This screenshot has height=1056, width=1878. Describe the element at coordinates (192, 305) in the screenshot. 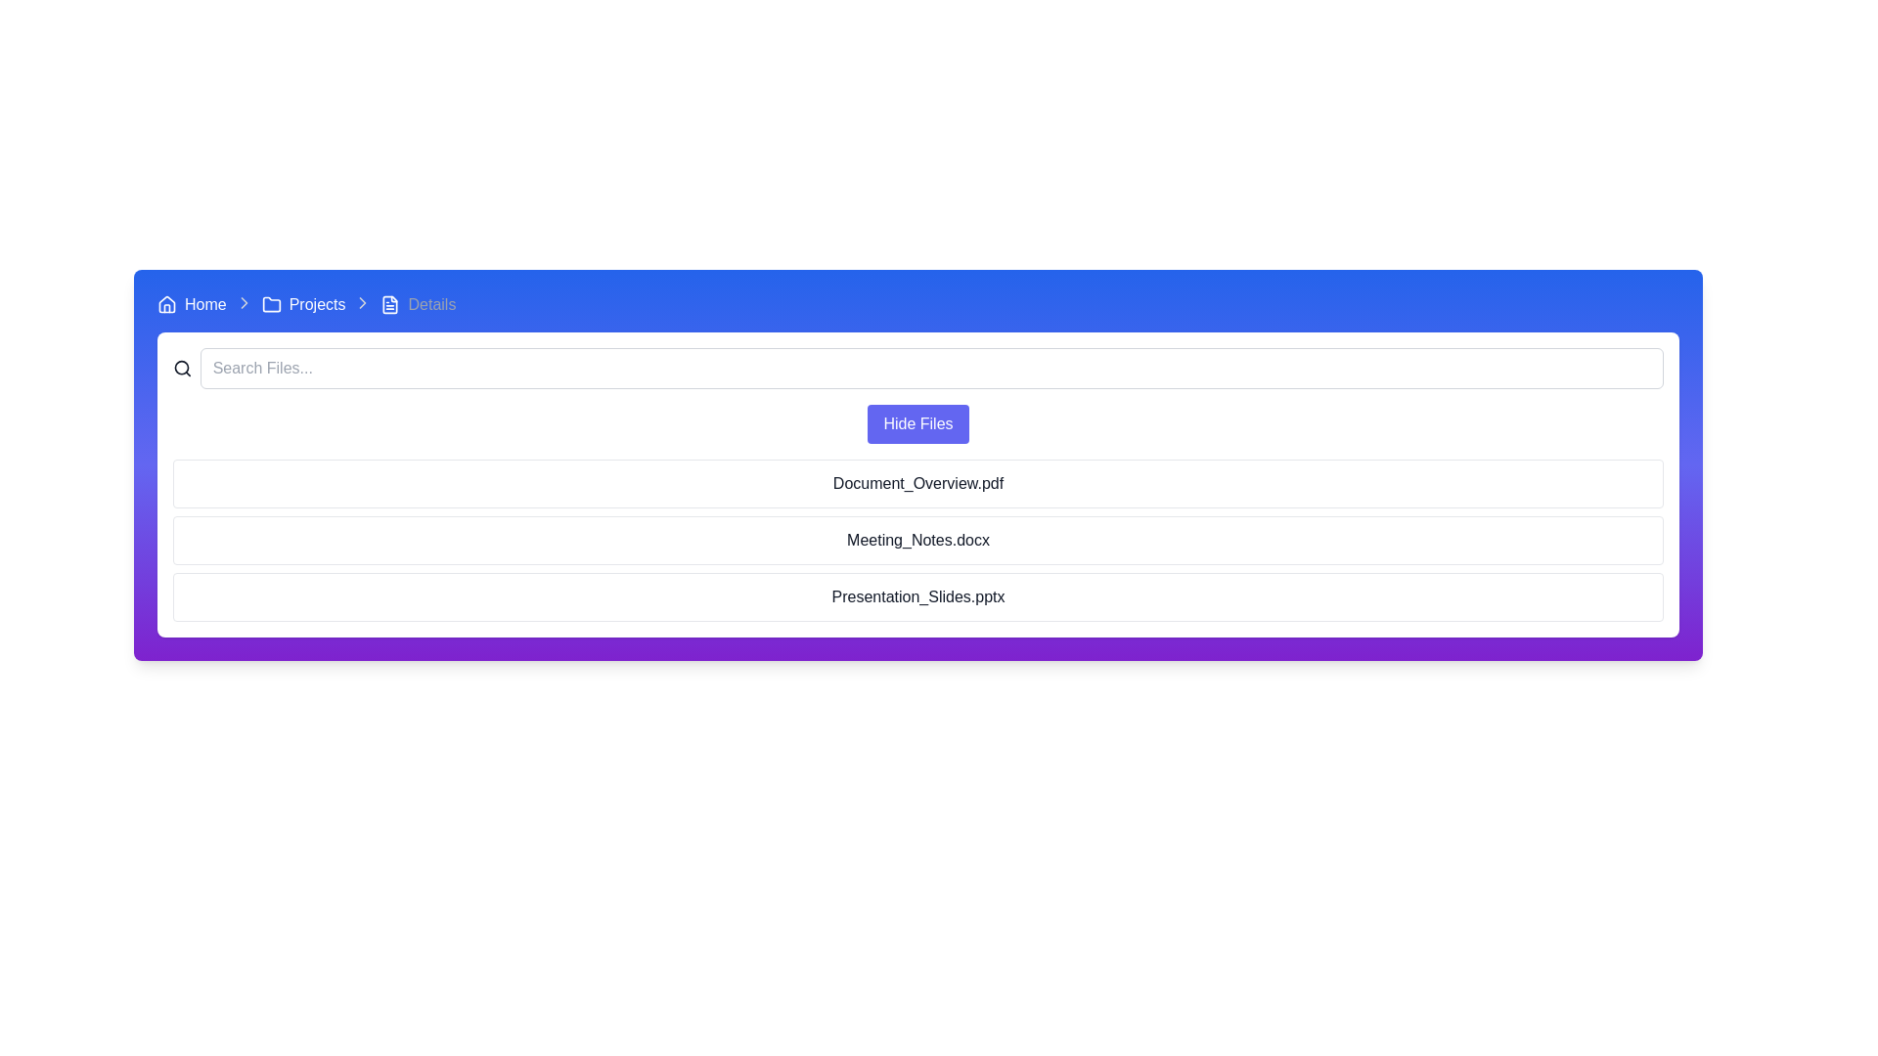

I see `the 'Home' link in the breadcrumb navigation bar, which consists of a house icon followed by the text 'Home' in blue font` at that location.